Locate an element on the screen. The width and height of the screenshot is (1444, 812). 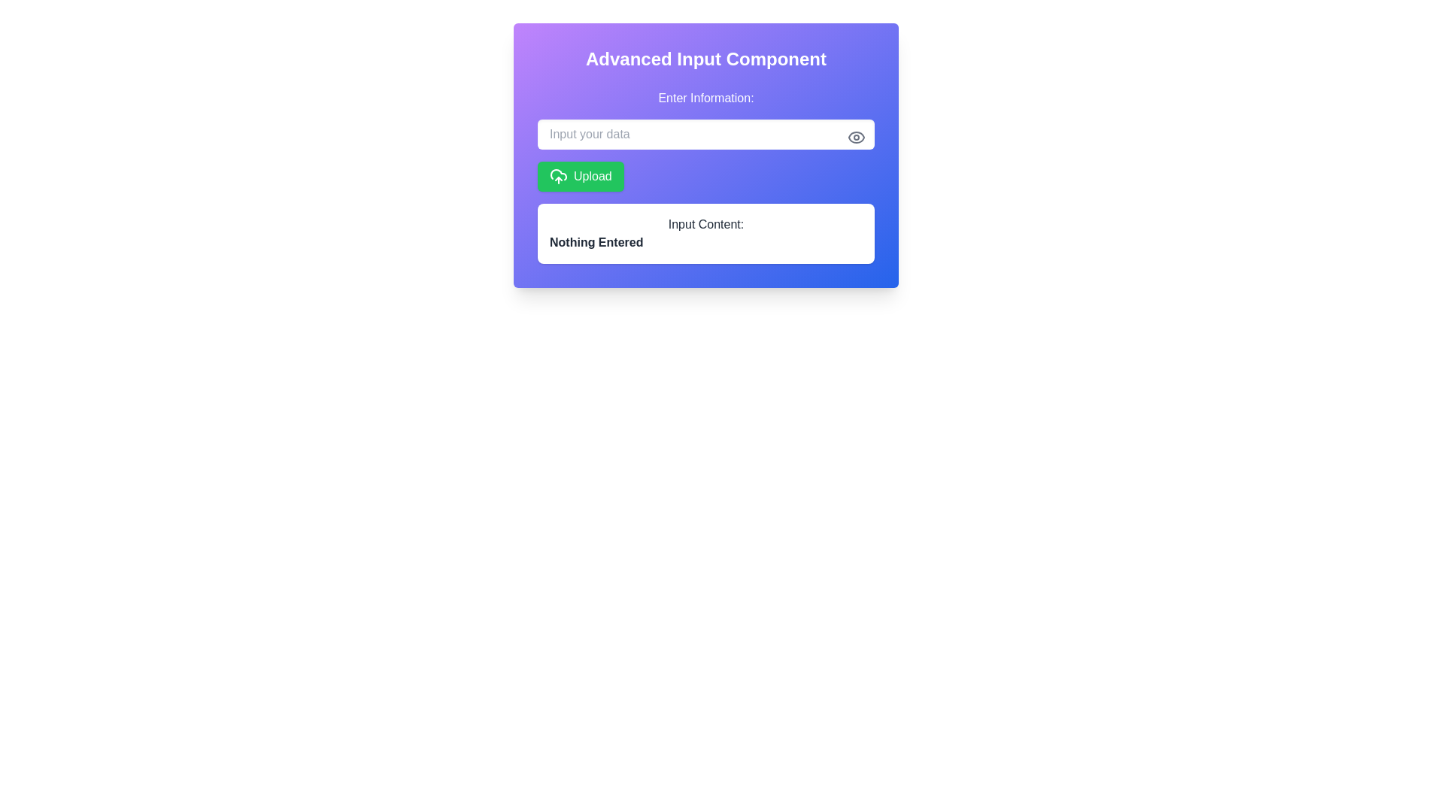
the green rectangular button labeled for upload, located in the lower central portion of the form layout, to initiate the upload action is located at coordinates (592, 176).